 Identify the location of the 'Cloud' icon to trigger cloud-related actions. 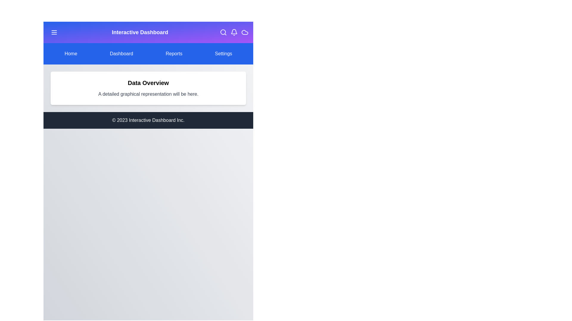
(245, 32).